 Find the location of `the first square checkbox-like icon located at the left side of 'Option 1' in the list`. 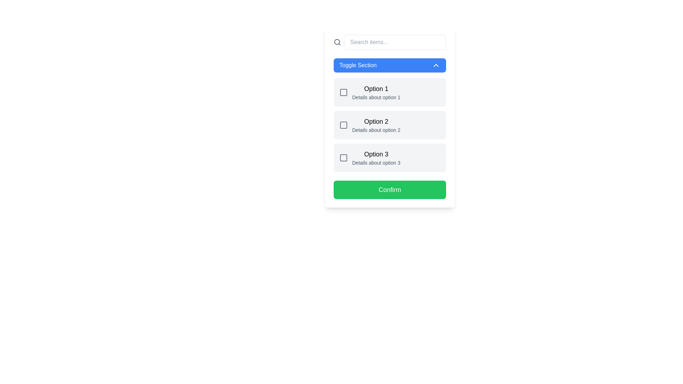

the first square checkbox-like icon located at the left side of 'Option 1' in the list is located at coordinates (343, 92).